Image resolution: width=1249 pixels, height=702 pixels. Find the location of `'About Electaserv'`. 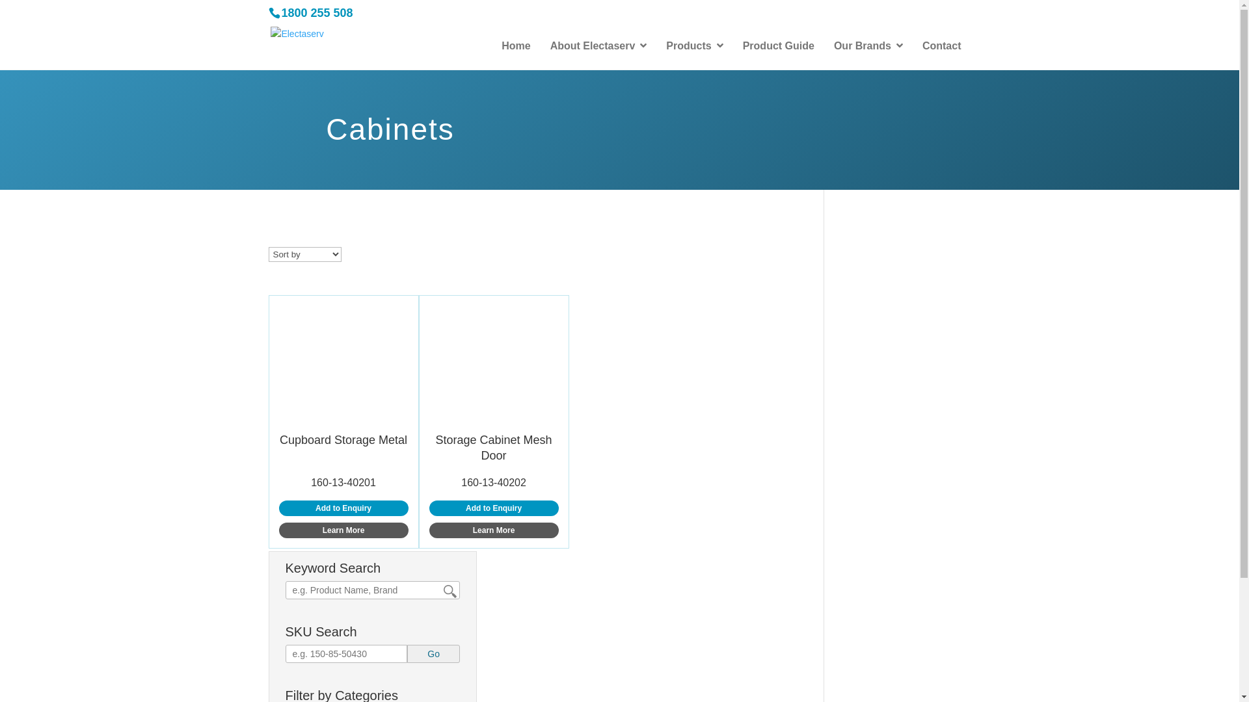

'About Electaserv' is located at coordinates (598, 45).